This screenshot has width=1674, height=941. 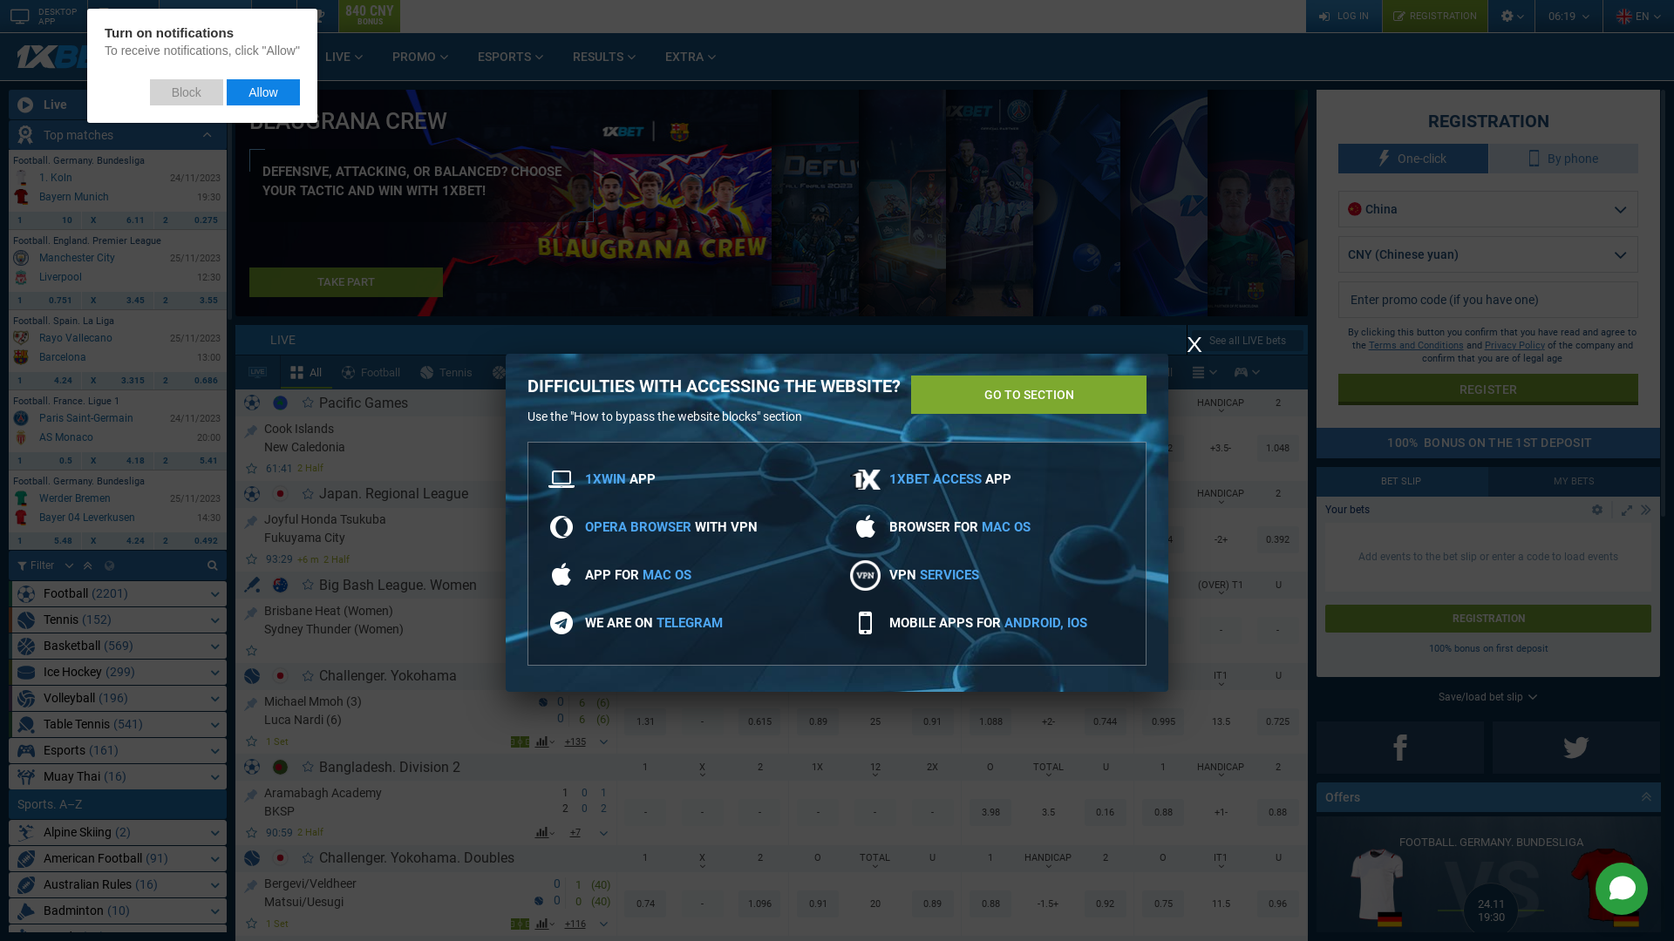 I want to click on 'REGISTRATION', so click(x=1487, y=617).